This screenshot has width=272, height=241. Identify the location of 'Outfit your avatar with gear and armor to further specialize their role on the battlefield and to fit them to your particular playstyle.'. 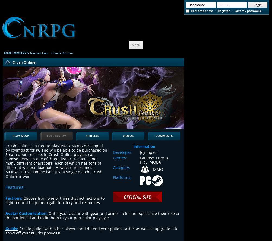
(93, 215).